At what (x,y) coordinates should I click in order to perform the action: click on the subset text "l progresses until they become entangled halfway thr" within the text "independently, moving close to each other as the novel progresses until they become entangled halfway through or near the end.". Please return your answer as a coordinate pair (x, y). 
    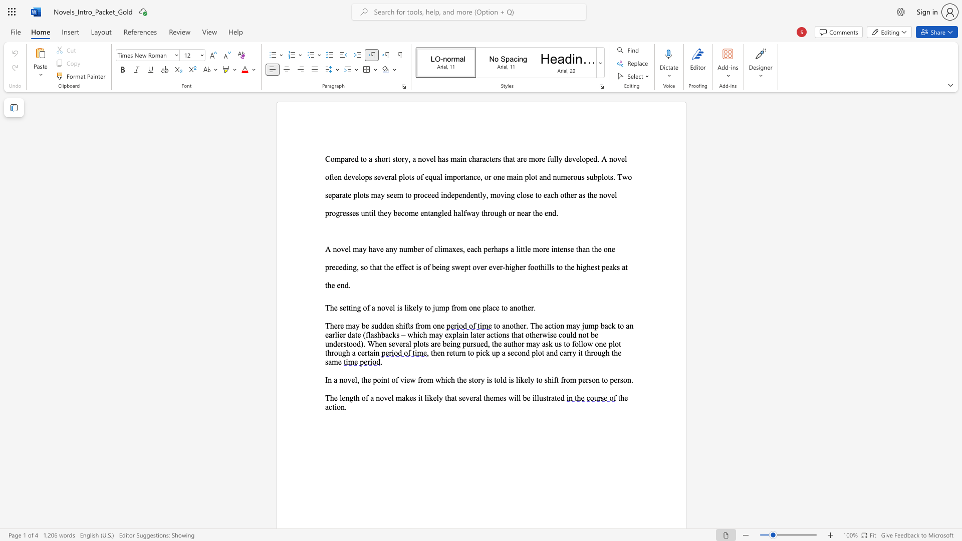
    Looking at the image, I should click on (614, 195).